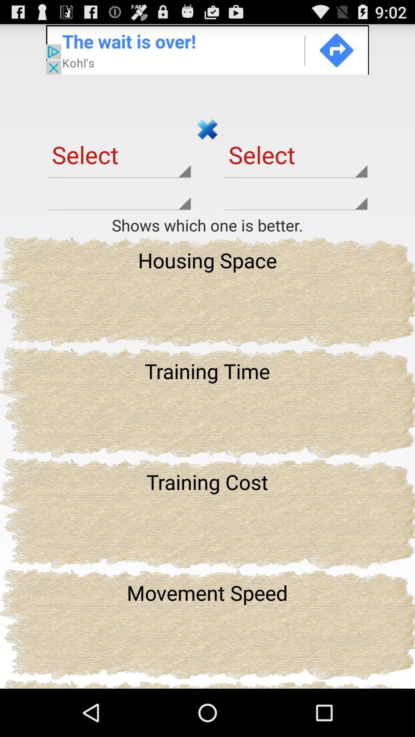 The width and height of the screenshot is (415, 737). I want to click on google adsense advertisement, so click(207, 49).